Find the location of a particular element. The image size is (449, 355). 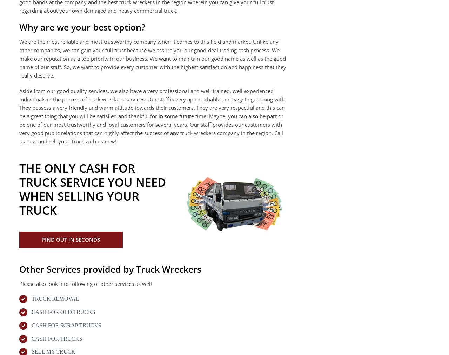

'Other Services provided by Truck Wreckers' is located at coordinates (110, 268).